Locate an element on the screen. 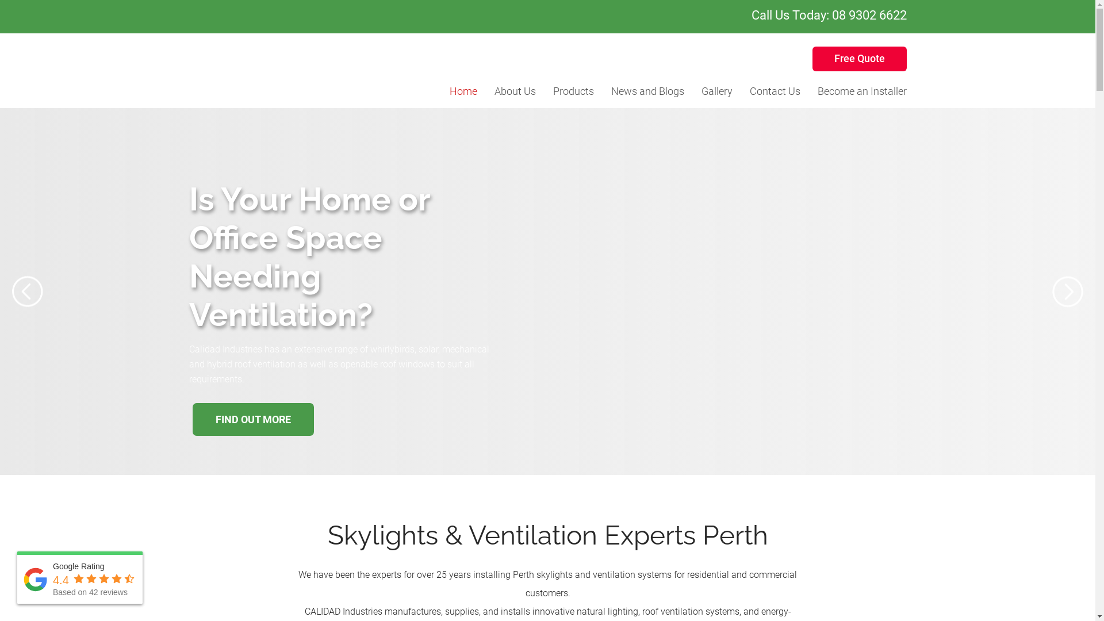  'Gallery' is located at coordinates (716, 90).